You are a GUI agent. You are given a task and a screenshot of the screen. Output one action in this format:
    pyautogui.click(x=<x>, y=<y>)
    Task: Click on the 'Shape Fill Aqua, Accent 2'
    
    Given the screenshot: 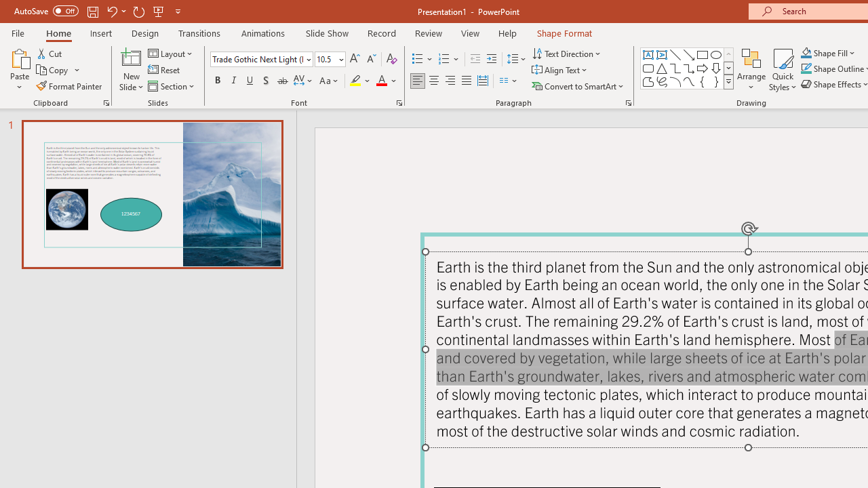 What is the action you would take?
    pyautogui.click(x=806, y=52)
    